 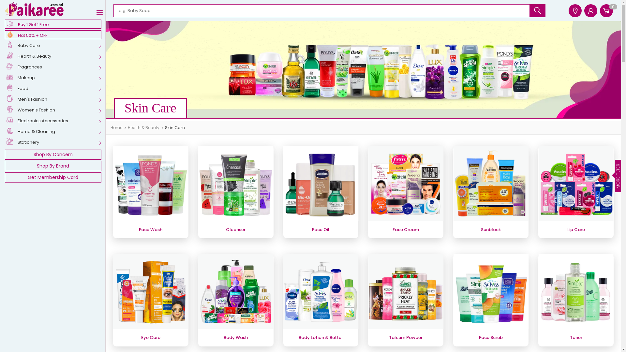 I want to click on 'Face Wash', so click(x=150, y=192).